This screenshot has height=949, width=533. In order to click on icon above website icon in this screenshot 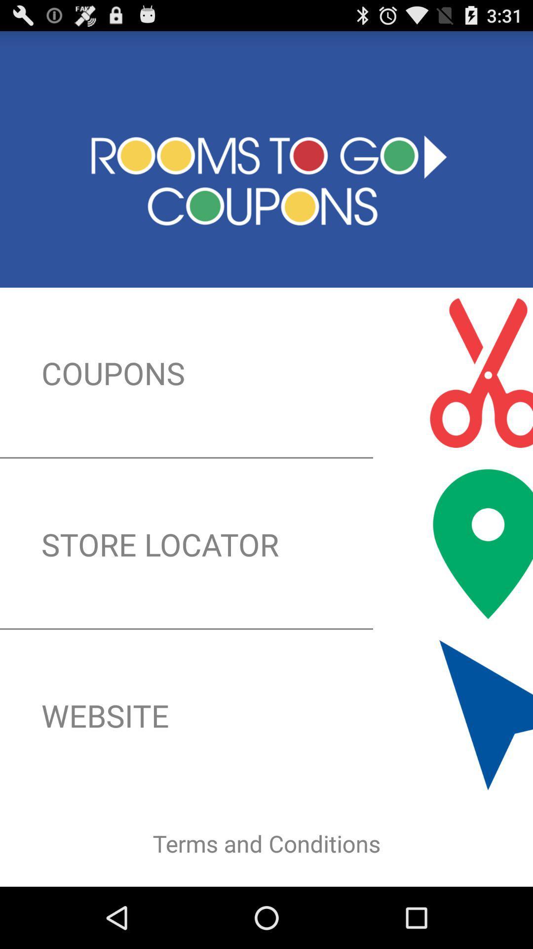, I will do `click(266, 543)`.